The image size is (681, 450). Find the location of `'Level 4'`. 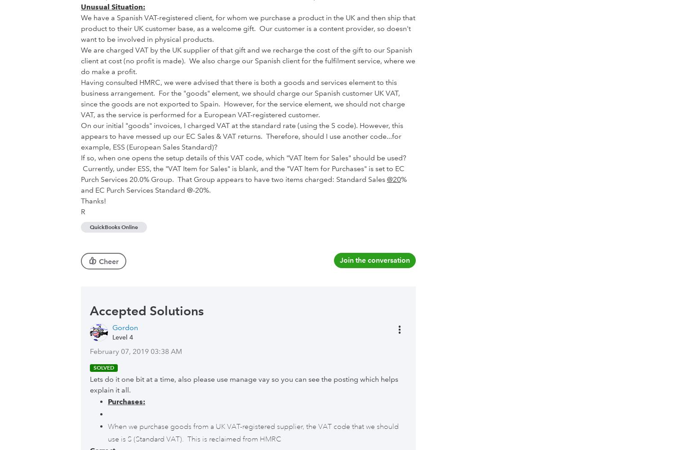

'Level 4' is located at coordinates (123, 336).